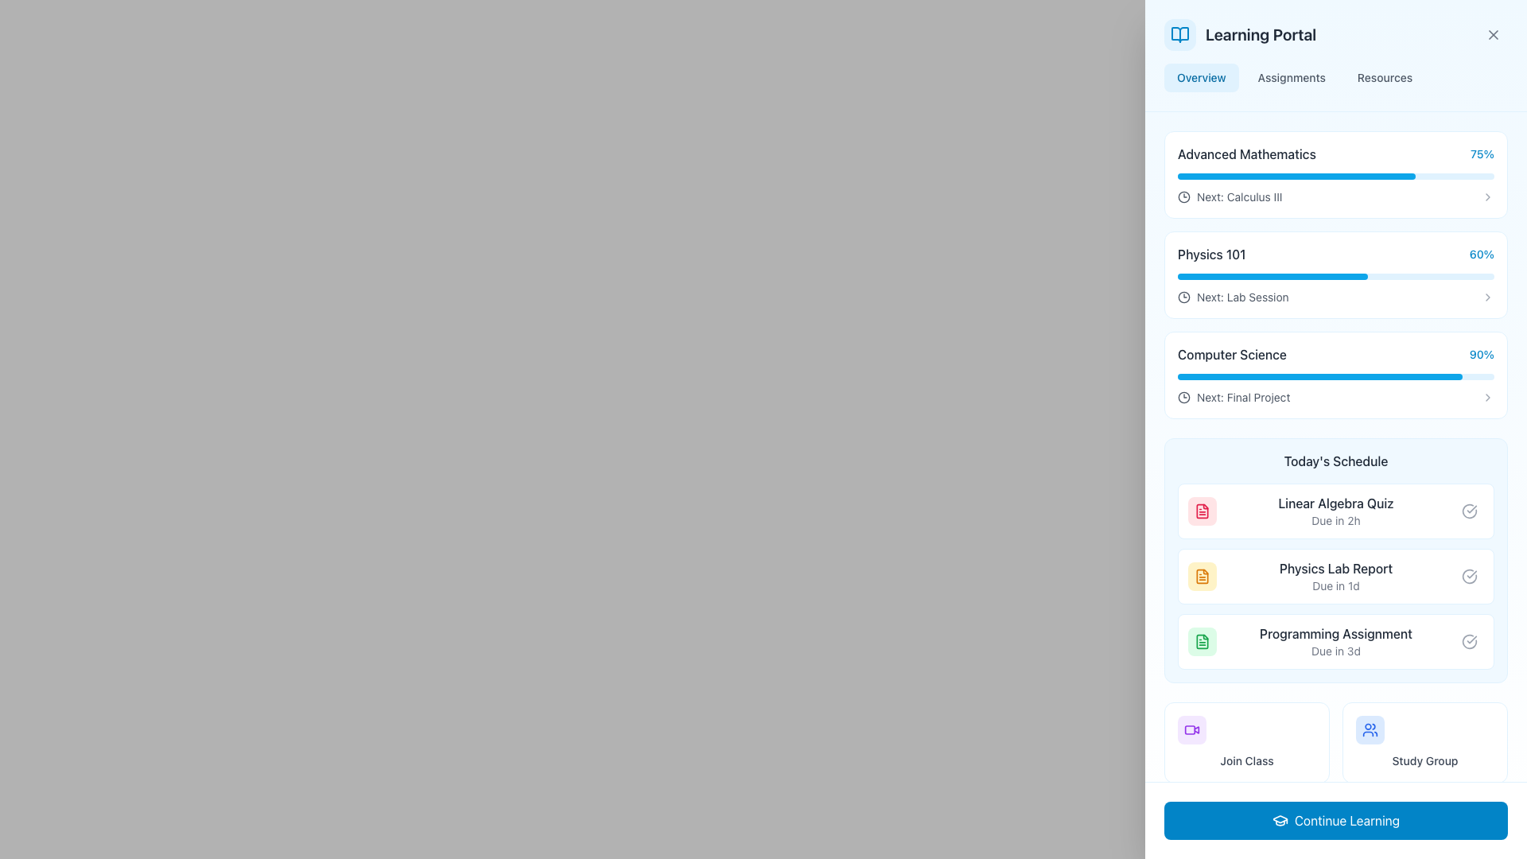  Describe the element at coordinates (1183, 397) in the screenshot. I see `the SVG circle component of the clock icon, which symbolizes time-relevant information, located next to the course subject text` at that location.